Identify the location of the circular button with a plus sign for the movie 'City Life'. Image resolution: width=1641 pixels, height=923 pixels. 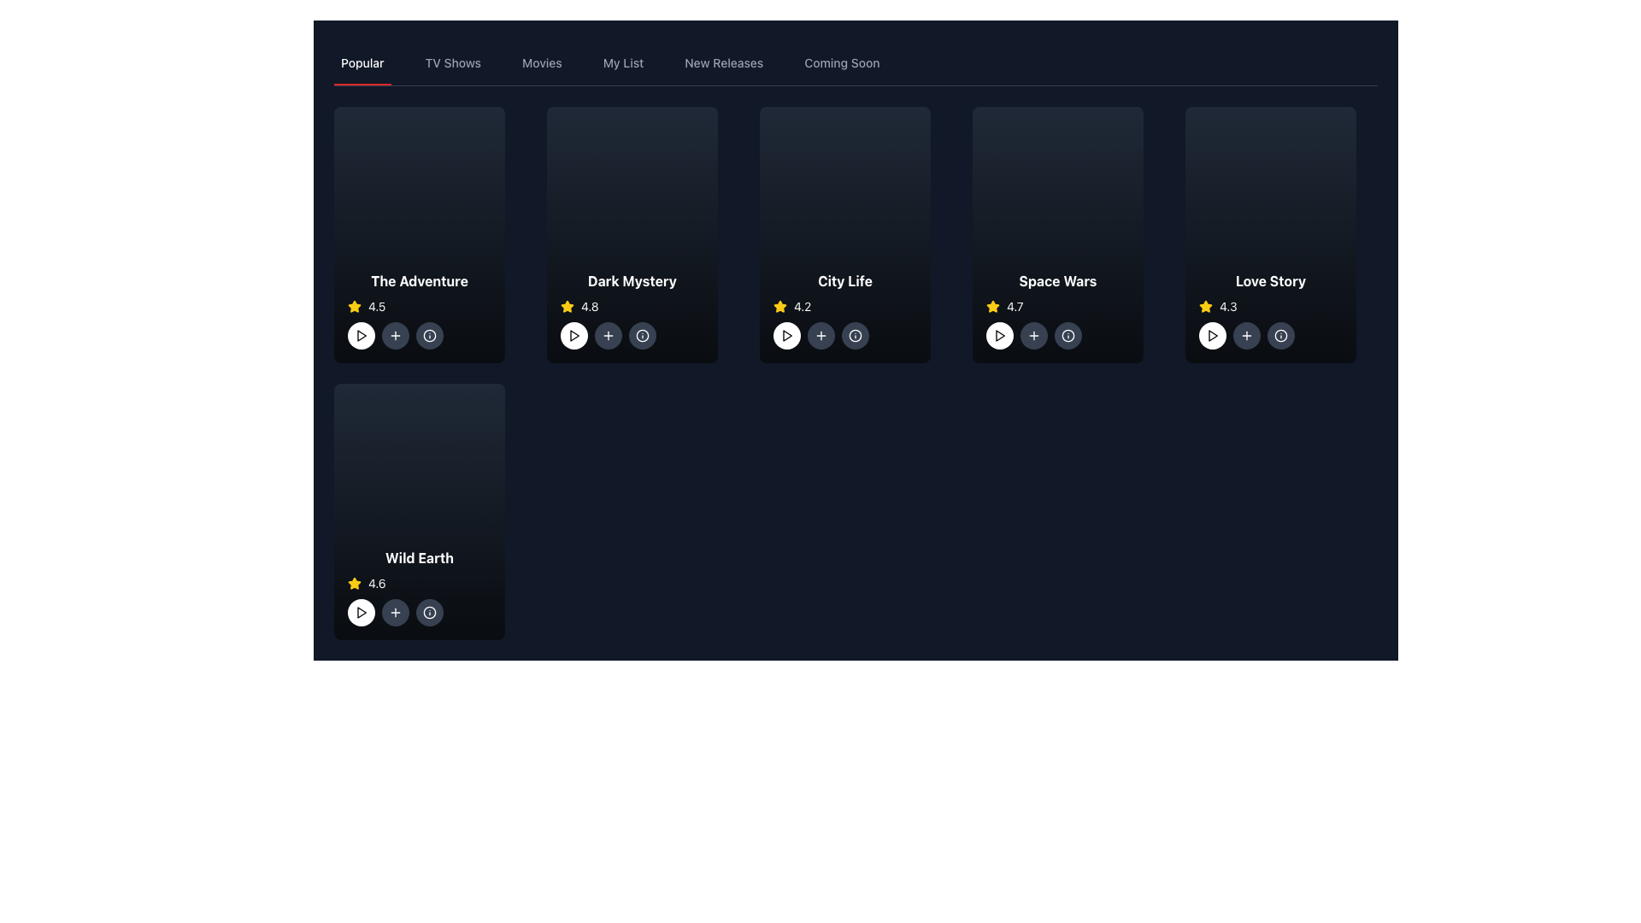
(820, 336).